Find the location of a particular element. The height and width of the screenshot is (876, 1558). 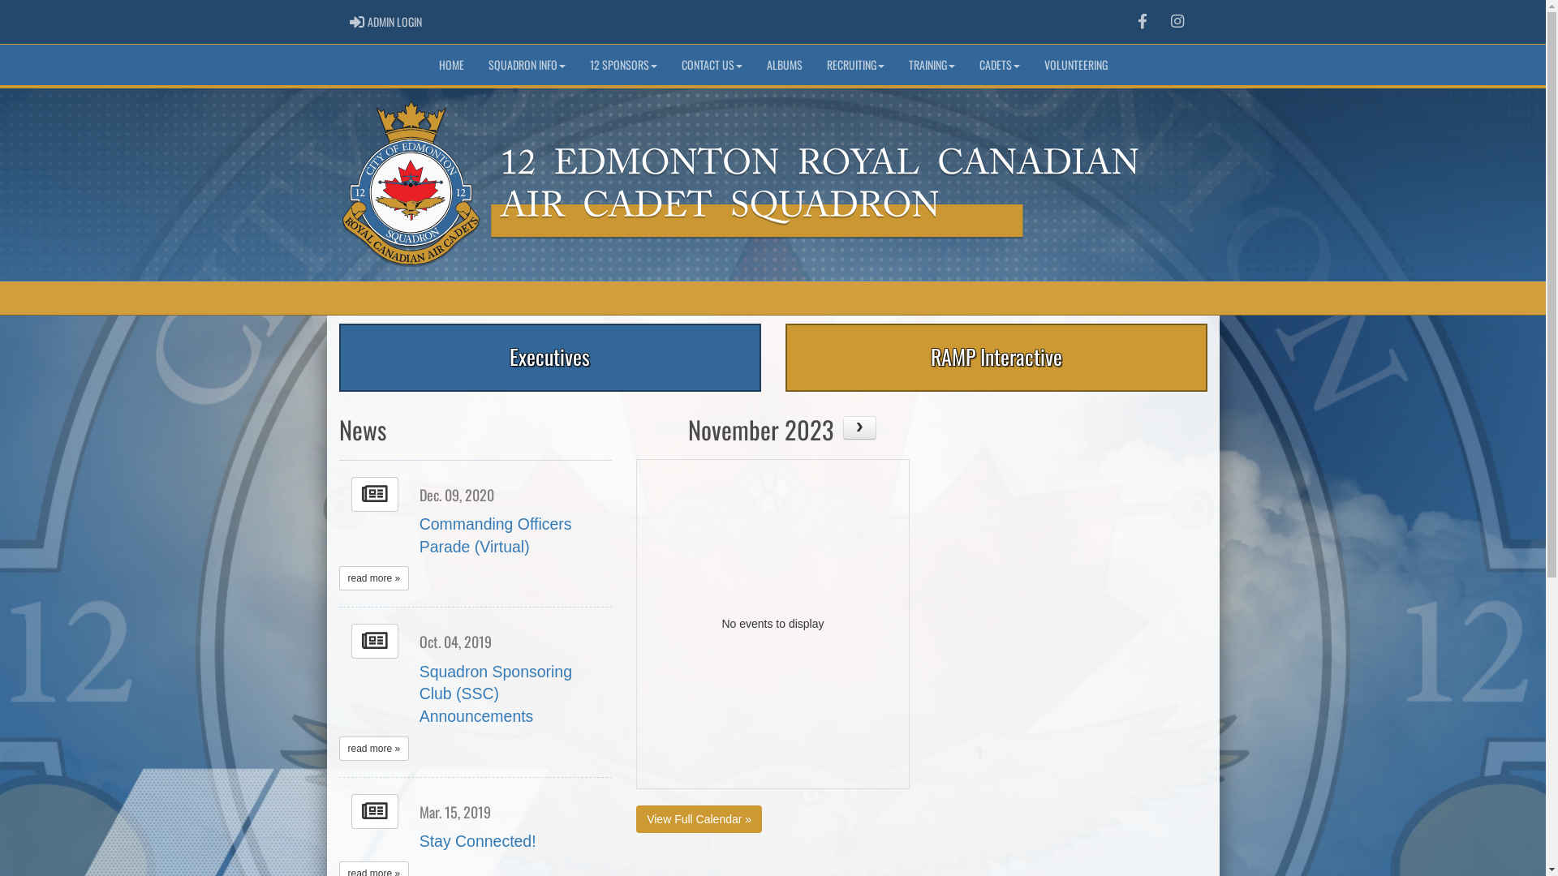

'12 SPONSORS' is located at coordinates (622, 64).